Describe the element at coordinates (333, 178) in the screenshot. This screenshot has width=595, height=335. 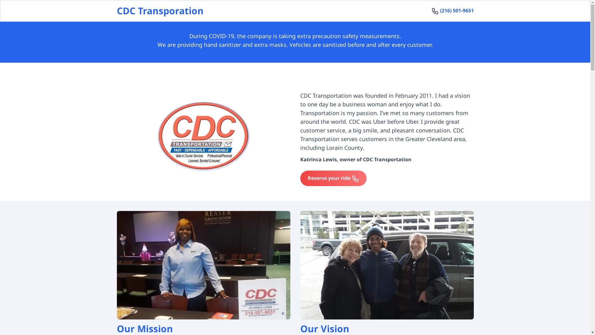
I see `'Reserve your ride'` at that location.